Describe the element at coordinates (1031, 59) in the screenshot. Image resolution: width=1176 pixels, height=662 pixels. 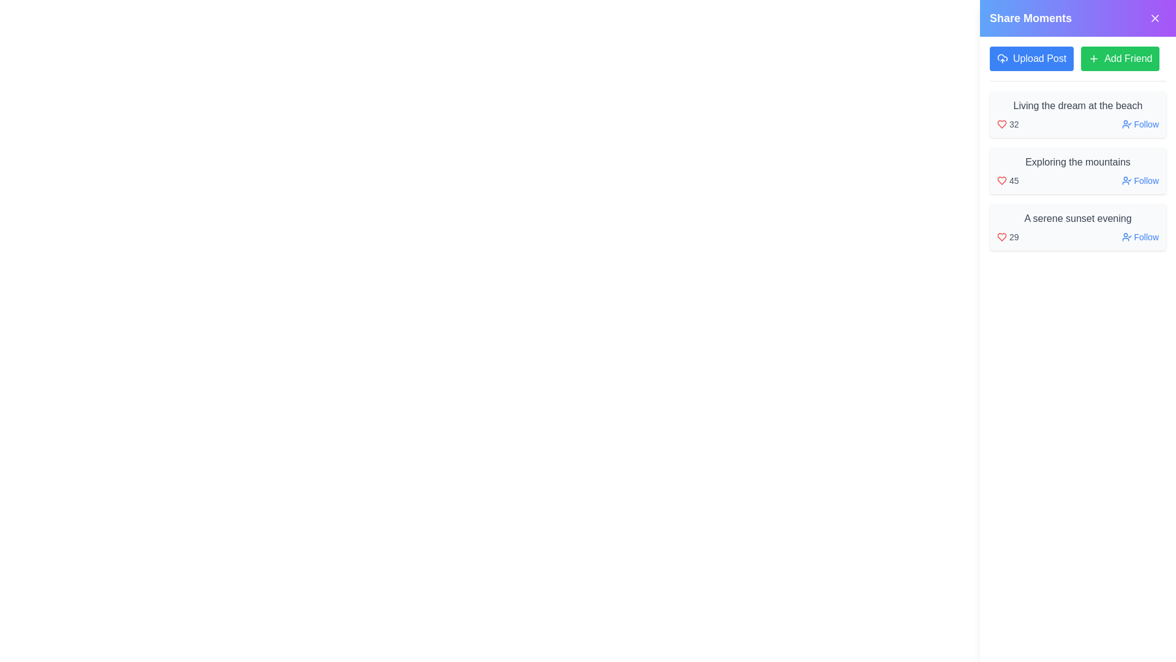
I see `the button located to the left of the green 'Add Friend' button in the 'Share Moments' section to initiate the process of uploading a new post` at that location.